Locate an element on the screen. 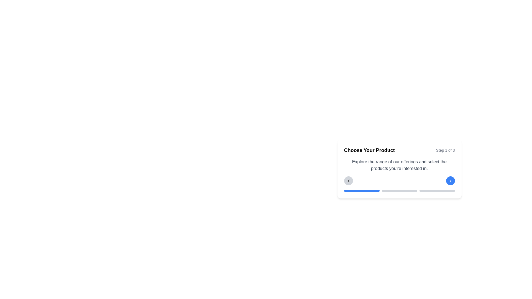  the first progress indicator bar, which visually represents the current step in a multi-step process, located at the bottom of a card-like interface section is located at coordinates (362, 190).